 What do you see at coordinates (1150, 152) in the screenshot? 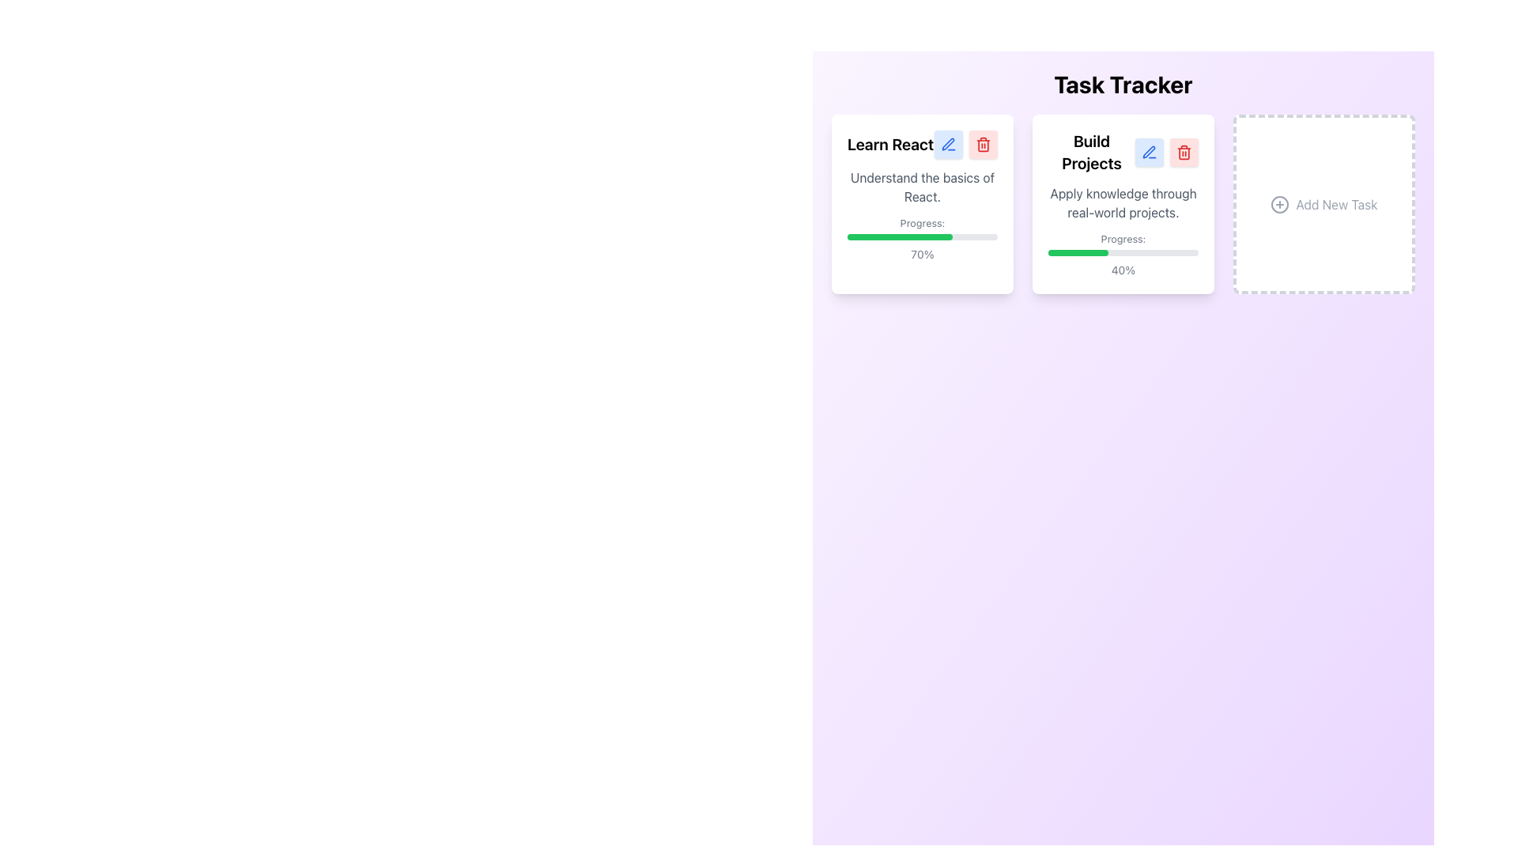
I see `the edit button located in the top-right corner of the 'Build Projects' task card, to the left of the delete icon` at bounding box center [1150, 152].